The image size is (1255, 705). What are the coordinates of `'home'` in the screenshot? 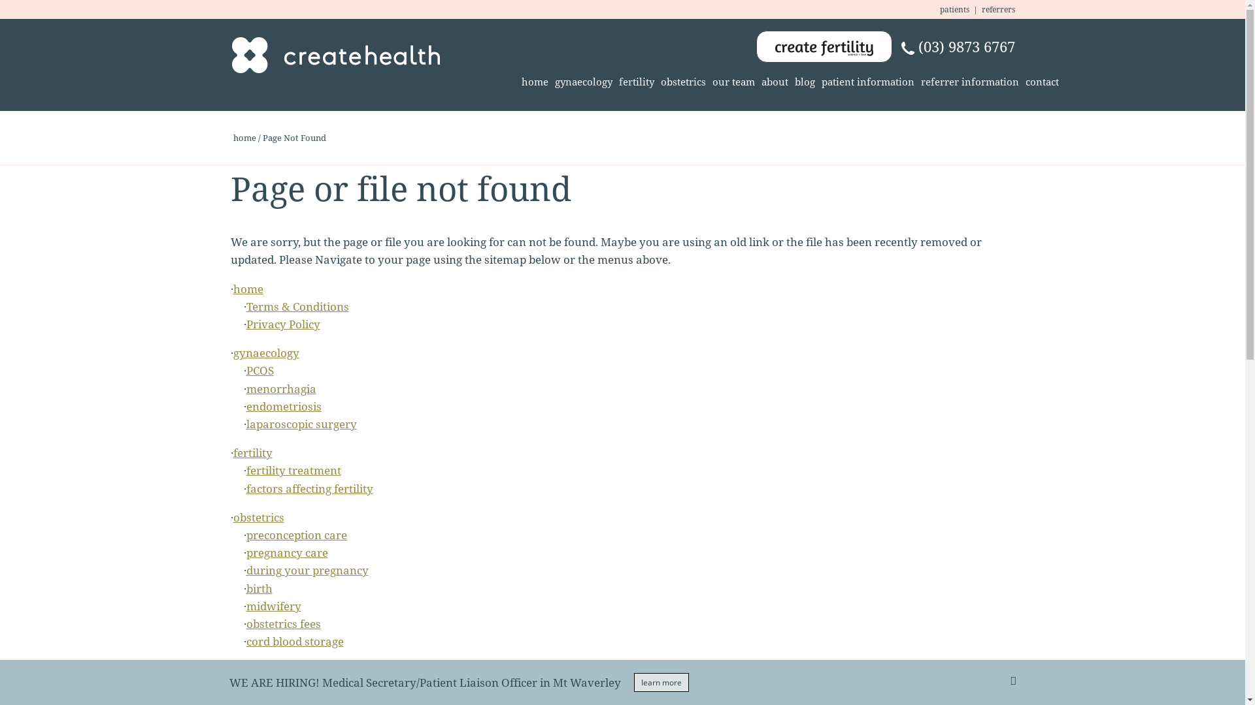 It's located at (248, 288).